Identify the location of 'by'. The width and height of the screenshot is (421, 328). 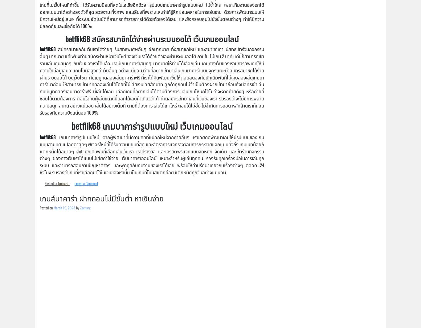
(78, 207).